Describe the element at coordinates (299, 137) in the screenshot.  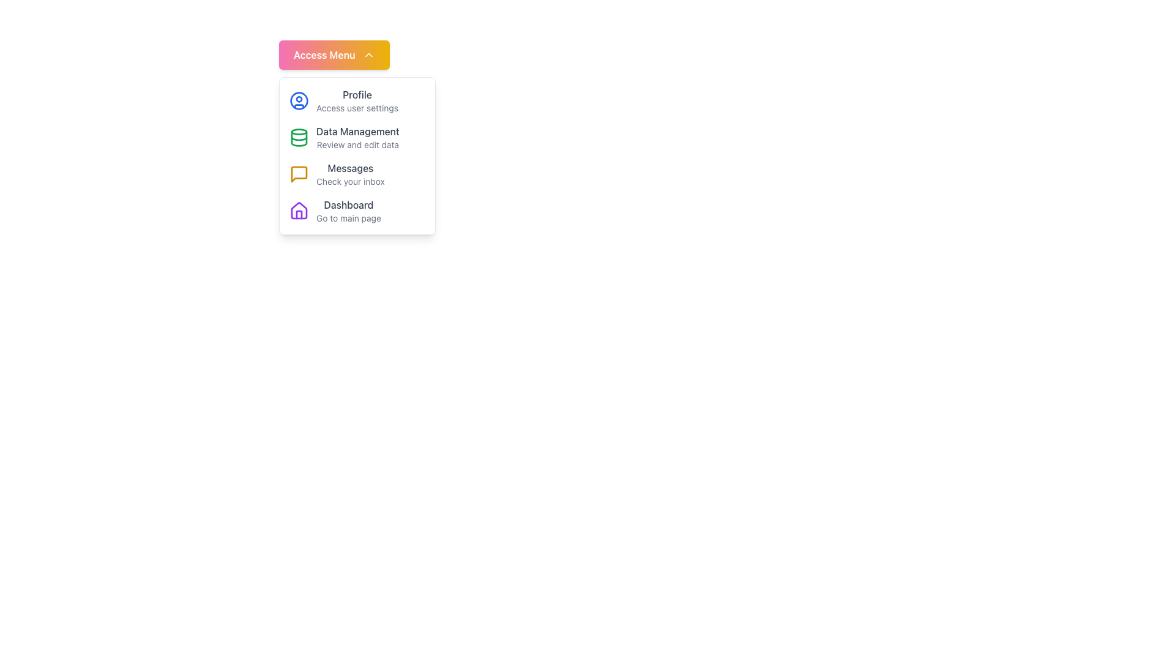
I see `the green database icon located in the Data Management section, positioned to the left of the 'Data Management' and 'Review and edit data' text` at that location.